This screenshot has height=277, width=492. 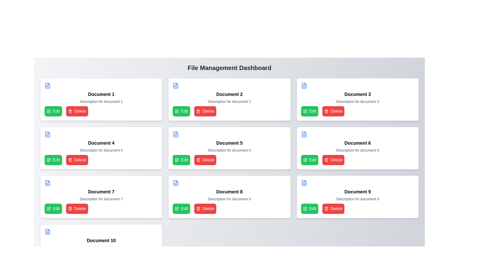 What do you see at coordinates (177, 160) in the screenshot?
I see `SVG properties of the 'Edit' icon located at the center-left of the 'Edit' button in the second document of the grid layout on the dashboard` at bounding box center [177, 160].